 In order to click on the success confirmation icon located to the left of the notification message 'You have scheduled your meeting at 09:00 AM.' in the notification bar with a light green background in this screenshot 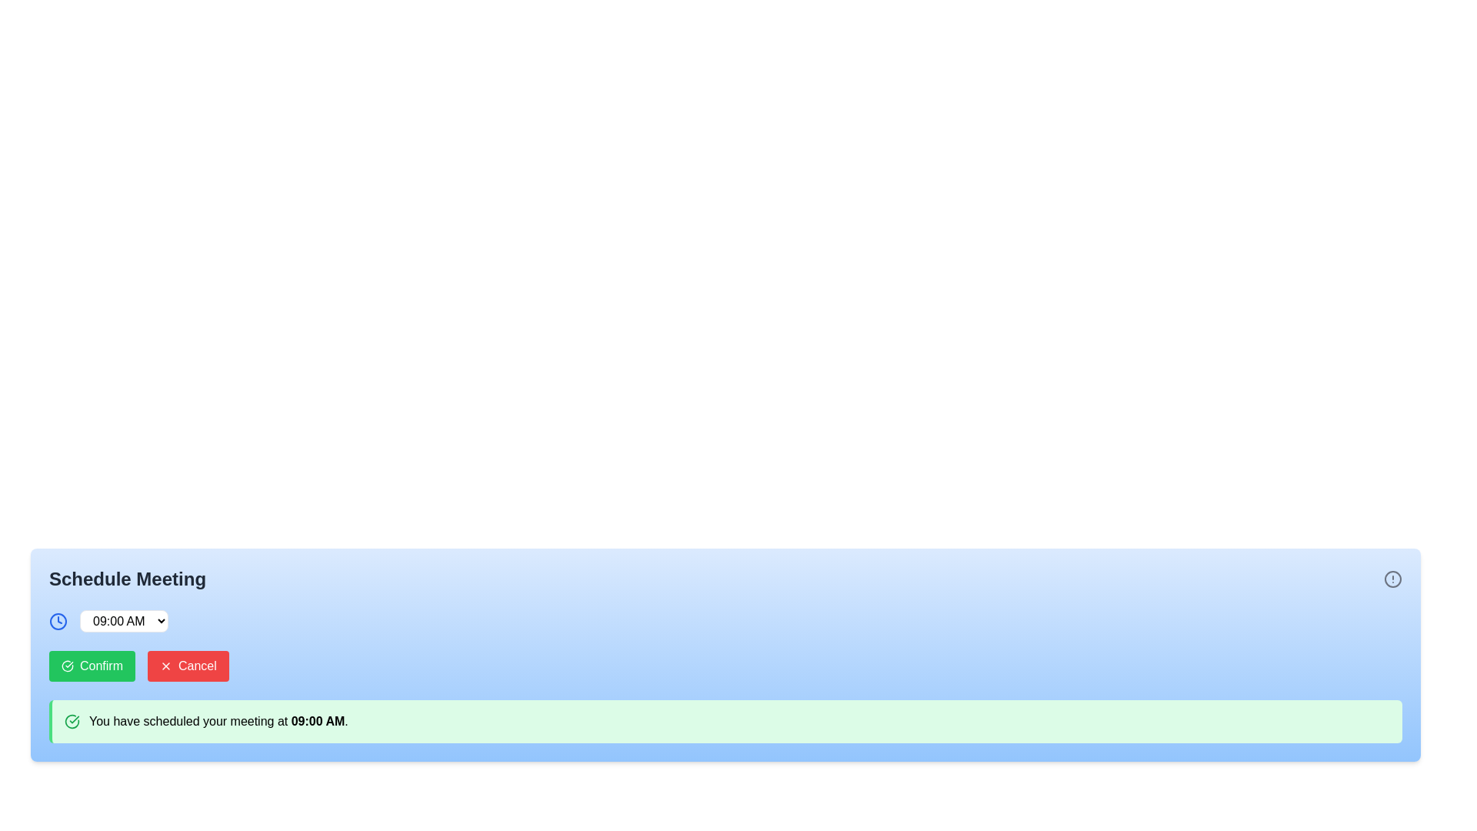, I will do `click(72, 721)`.